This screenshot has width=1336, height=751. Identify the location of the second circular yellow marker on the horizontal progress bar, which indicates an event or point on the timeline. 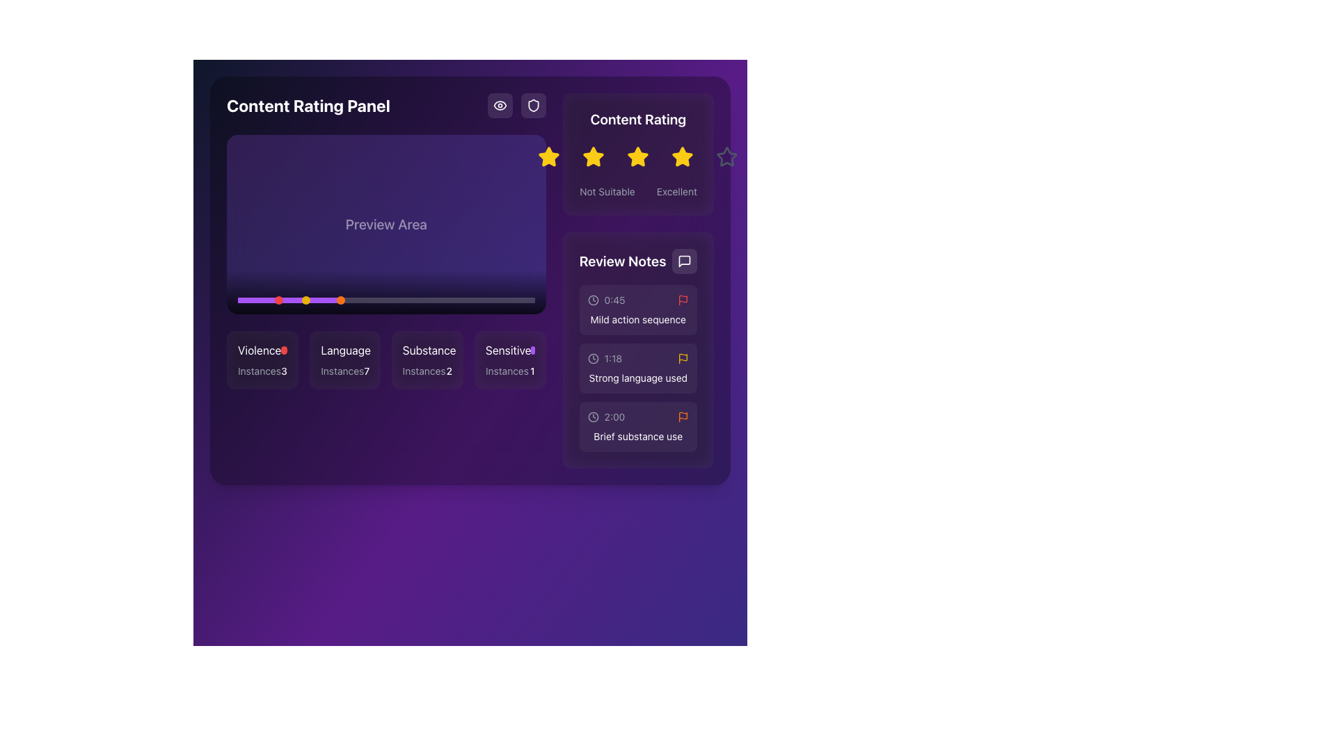
(305, 300).